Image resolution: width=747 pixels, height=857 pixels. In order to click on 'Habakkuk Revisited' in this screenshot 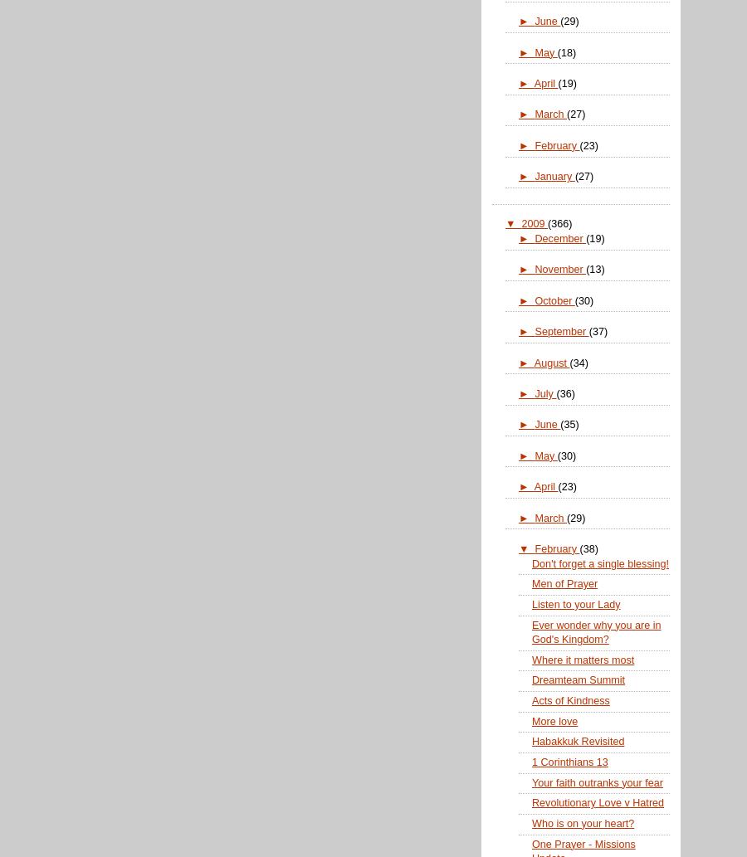, I will do `click(577, 740)`.